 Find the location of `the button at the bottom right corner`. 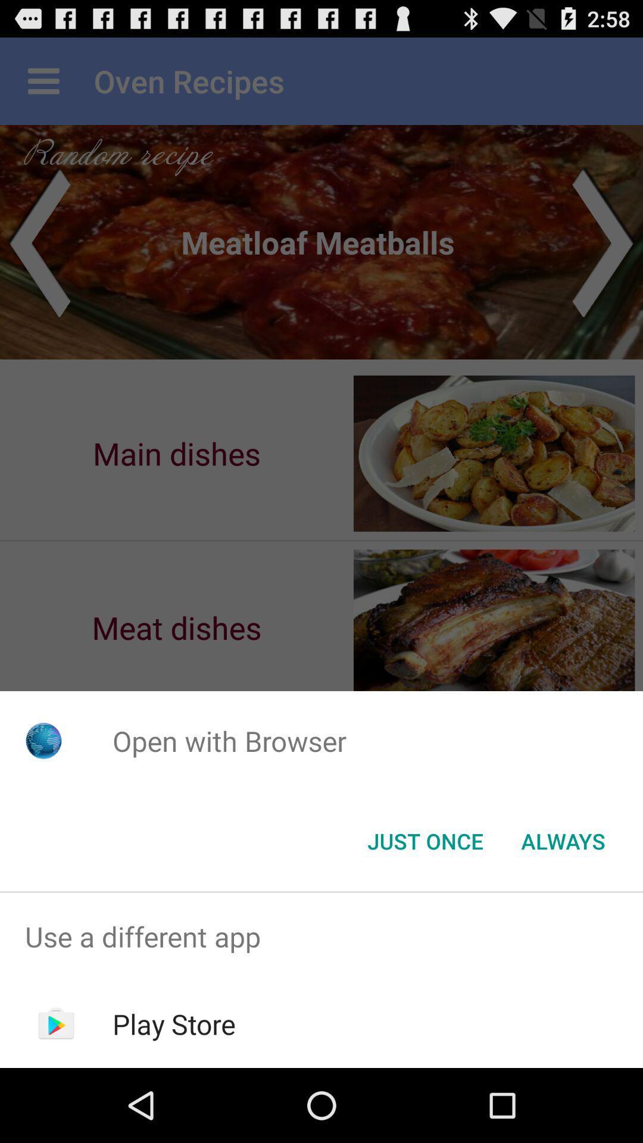

the button at the bottom right corner is located at coordinates (563, 840).